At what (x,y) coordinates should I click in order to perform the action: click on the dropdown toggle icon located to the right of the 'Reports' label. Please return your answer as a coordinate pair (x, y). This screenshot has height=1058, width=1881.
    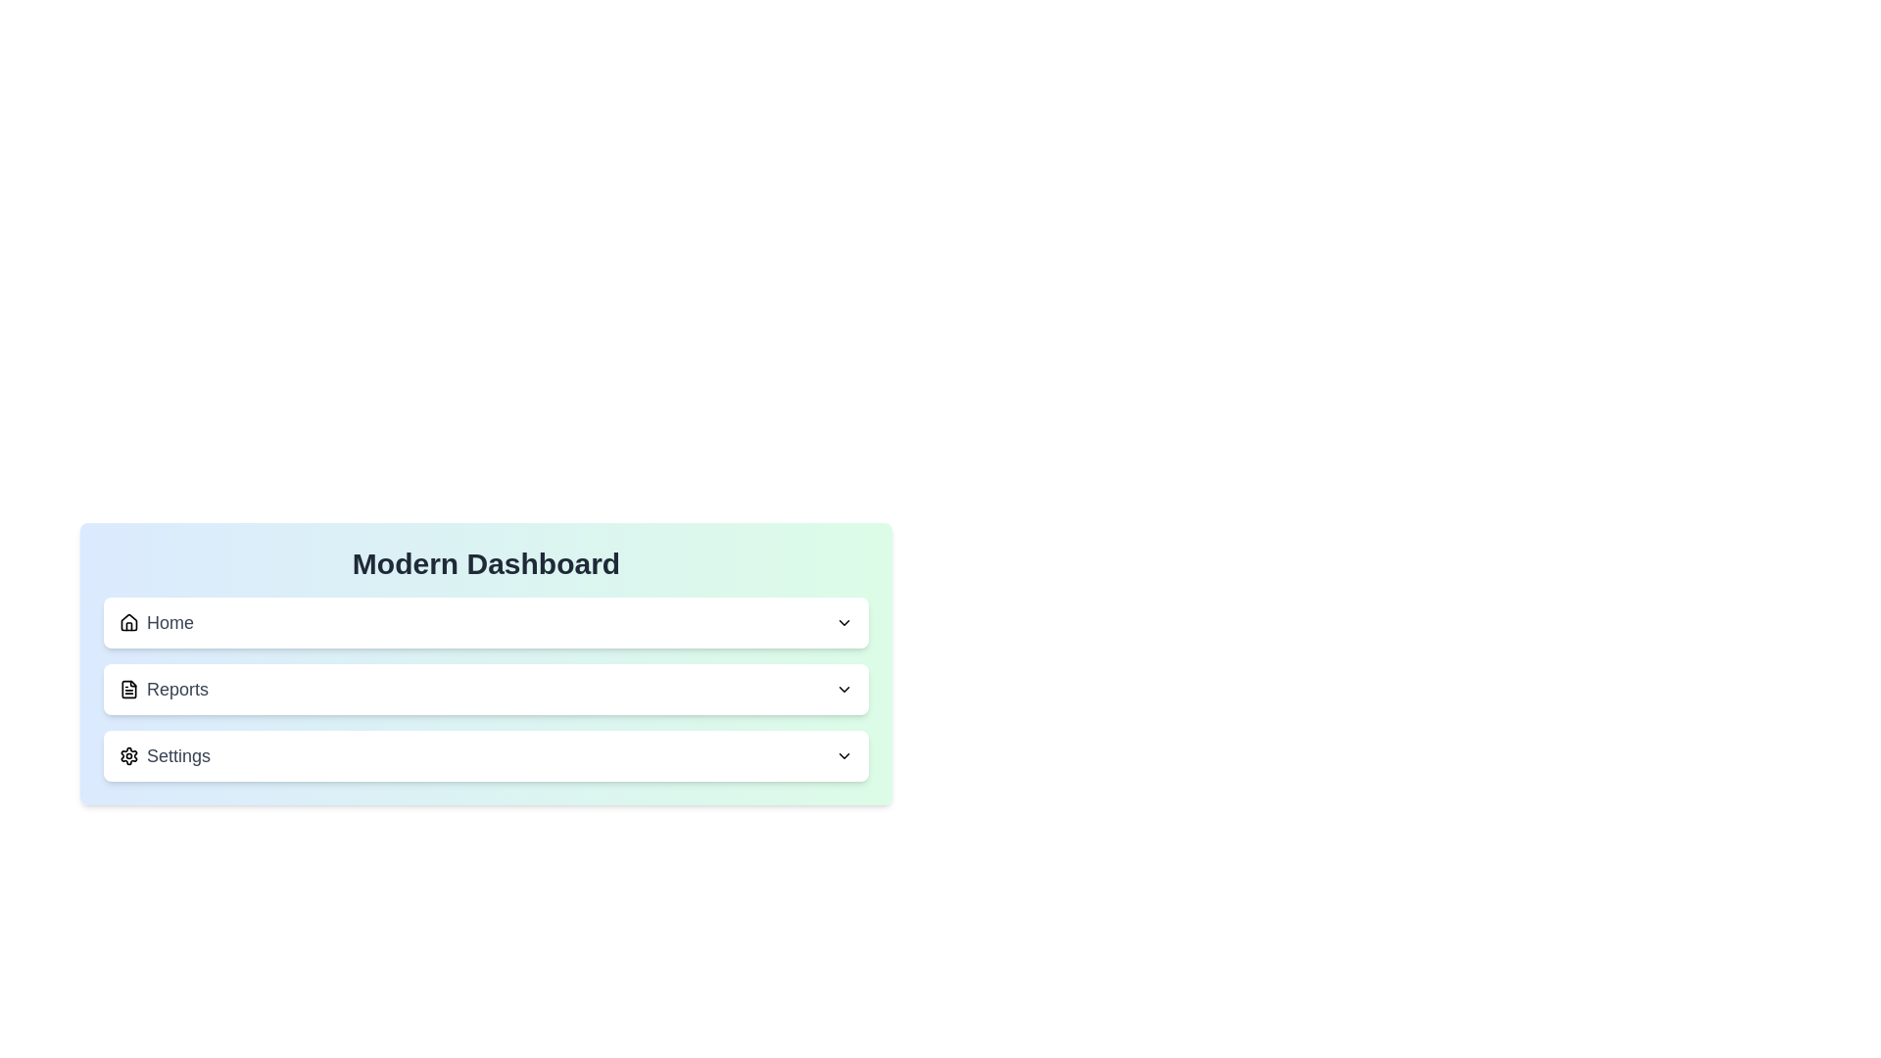
    Looking at the image, I should click on (844, 689).